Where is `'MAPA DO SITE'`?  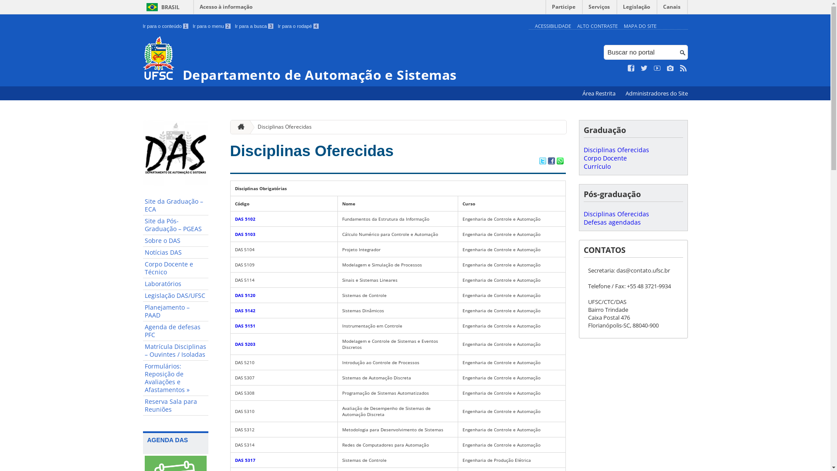 'MAPA DO SITE' is located at coordinates (640, 25).